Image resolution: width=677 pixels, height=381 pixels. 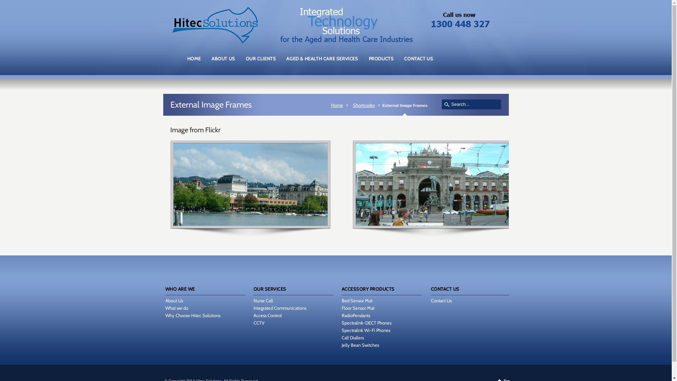 I want to click on 'Call Diallers', so click(x=352, y=337).